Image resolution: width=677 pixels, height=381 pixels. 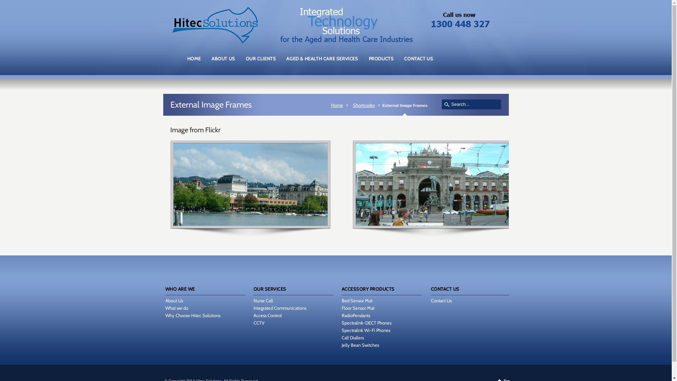 I want to click on 'Call Diallers', so click(x=352, y=337).